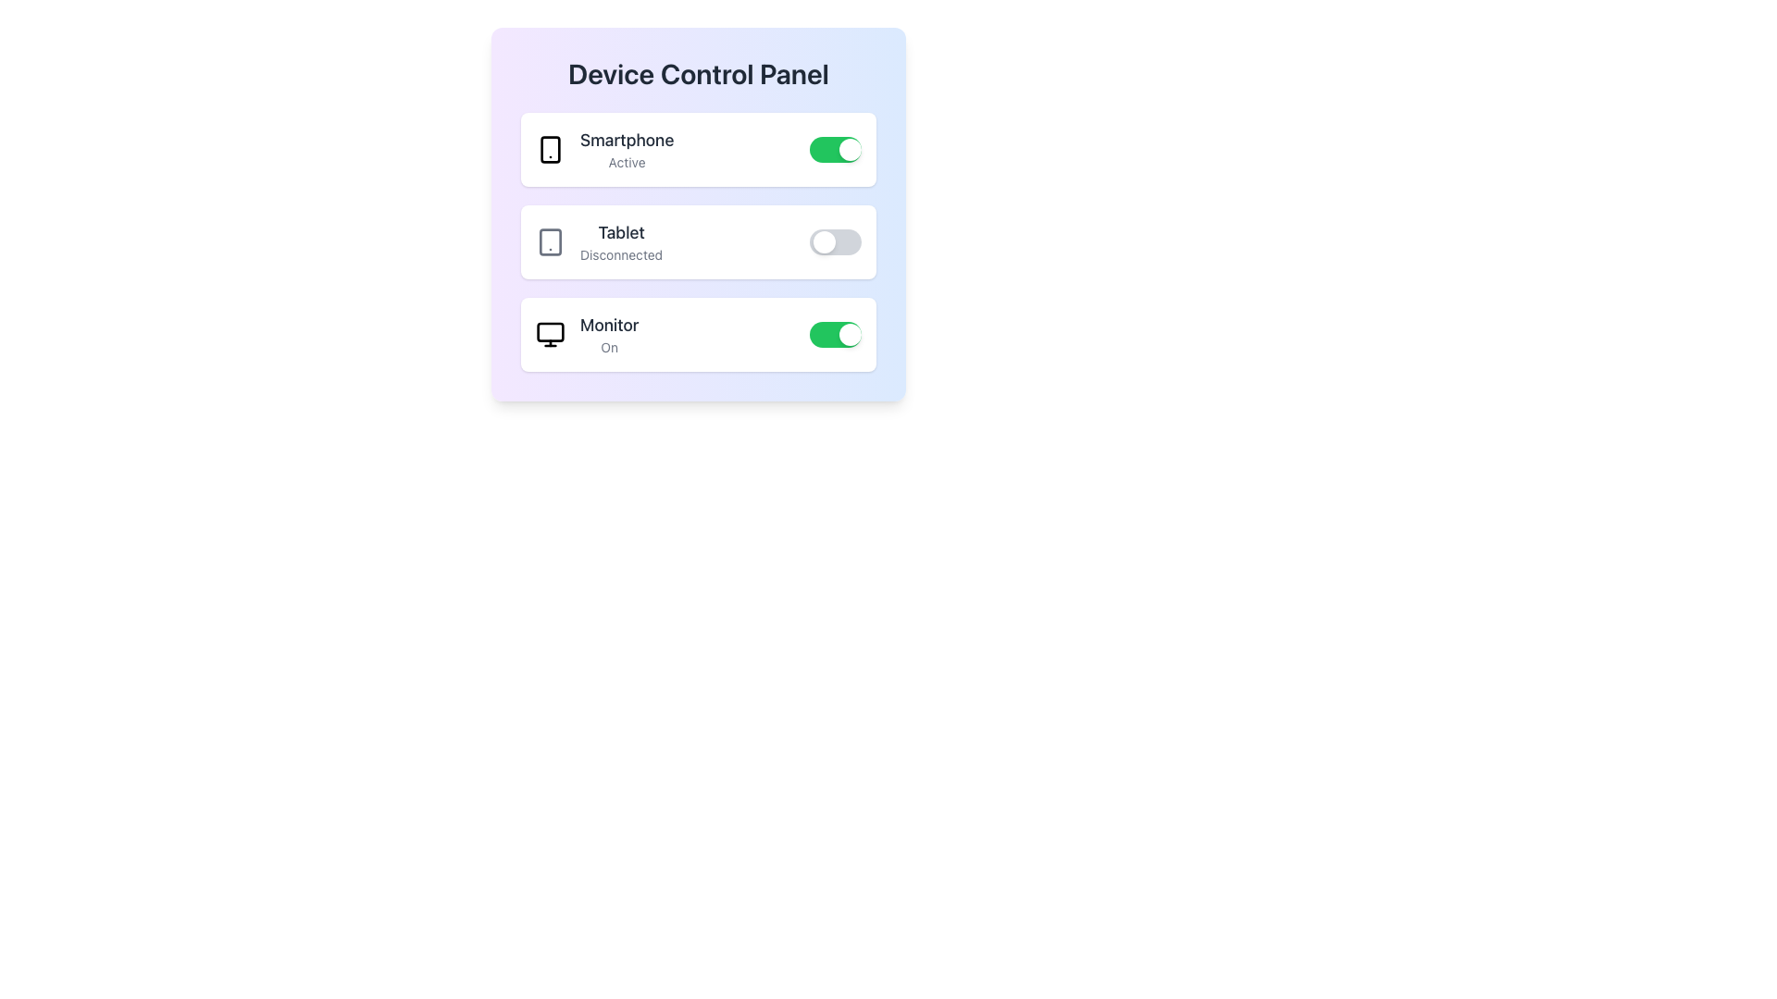  Describe the element at coordinates (609, 335) in the screenshot. I see `the Text Label that provides information about the associated monitor entry in the device list, located beside the monitor icon and toggle switch in the third entry of the device control list` at that location.